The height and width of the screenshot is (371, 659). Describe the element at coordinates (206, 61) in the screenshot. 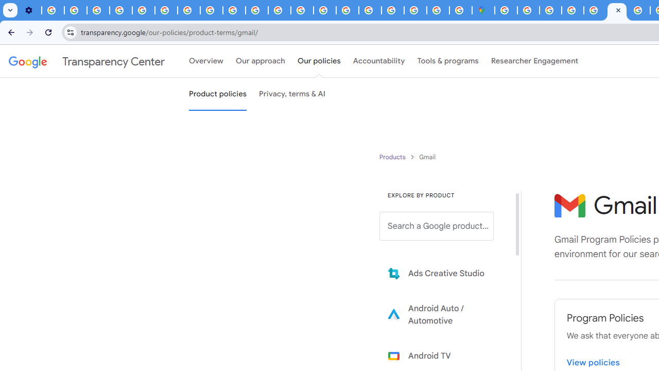

I see `'Overview'` at that location.